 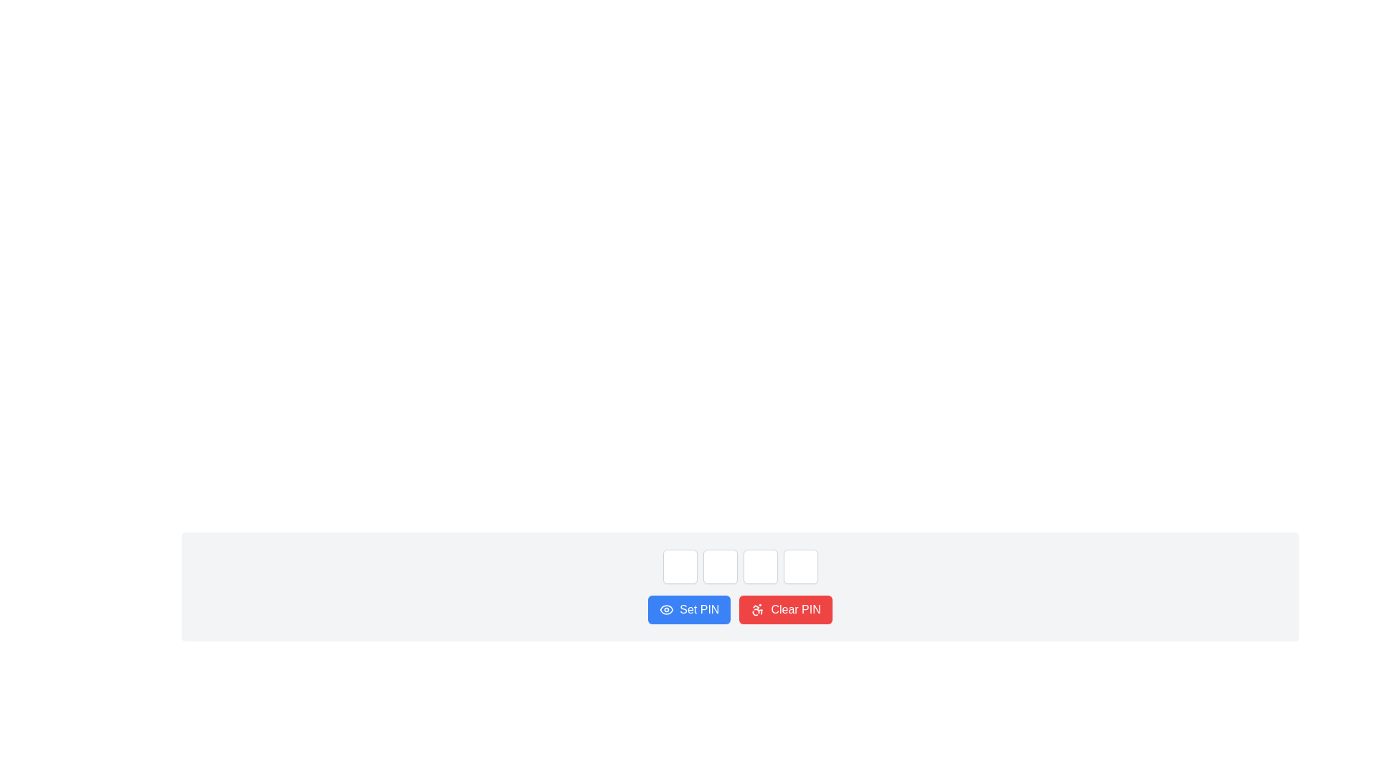 What do you see at coordinates (666, 609) in the screenshot?
I see `the eye-shaped icon located within the blue button labeled 'Set PIN', which is positioned below a series of empty square input fields` at bounding box center [666, 609].